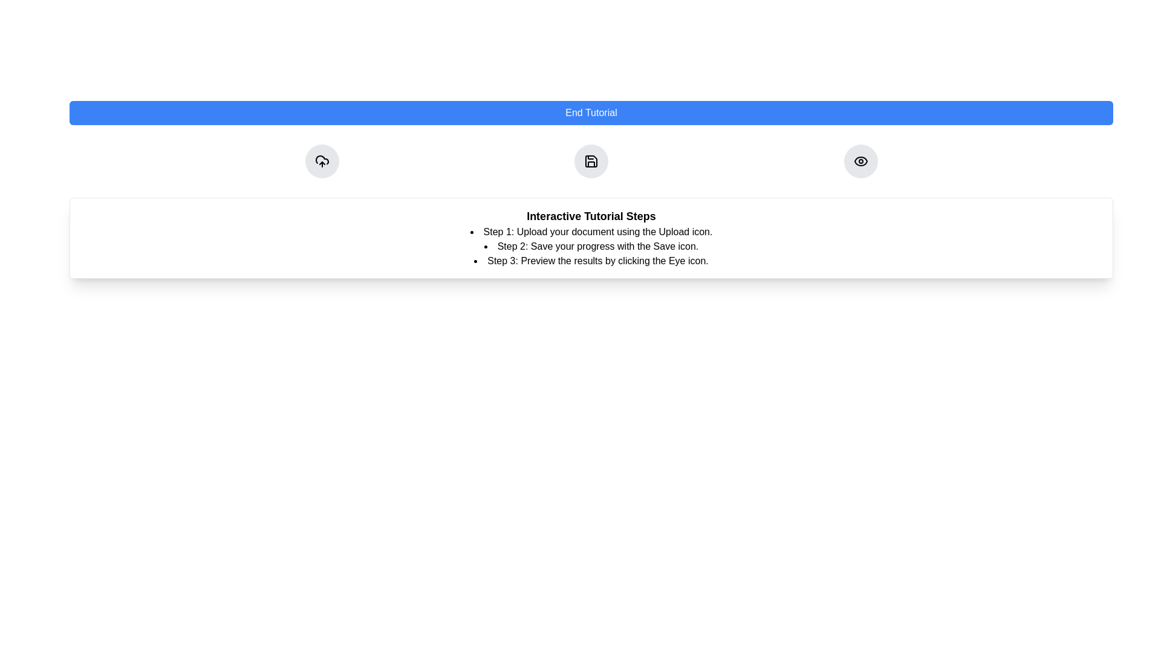  I want to click on the circular button with a disk save icon, so click(591, 160).